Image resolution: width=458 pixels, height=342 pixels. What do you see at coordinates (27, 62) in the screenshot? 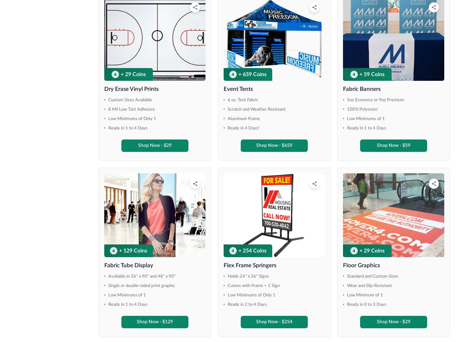
I see `'48" x 66"'` at bounding box center [27, 62].